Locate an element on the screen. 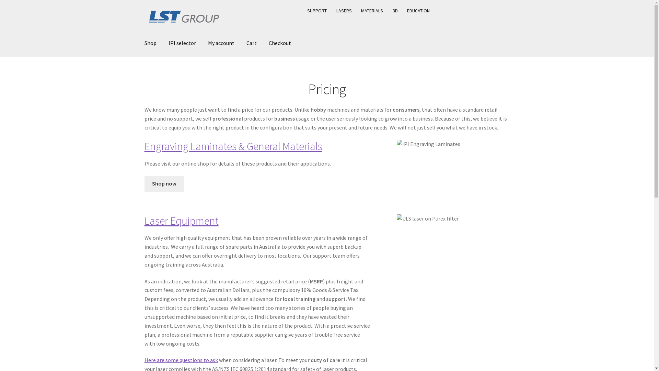 The width and height of the screenshot is (659, 371). 'My account' is located at coordinates (221, 43).